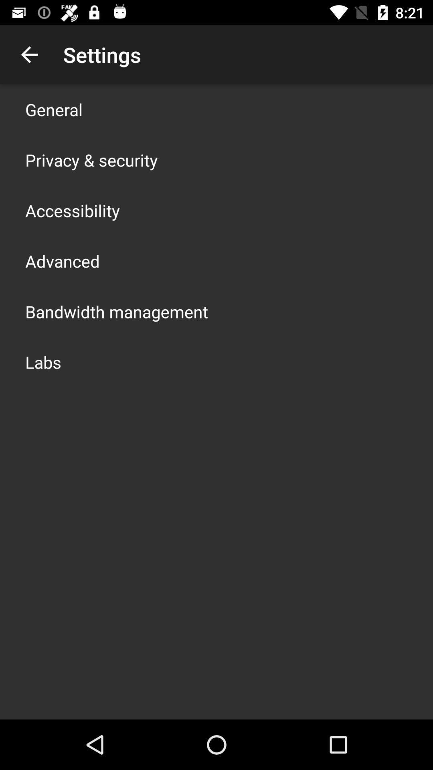  What do you see at coordinates (54, 109) in the screenshot?
I see `icon above privacy & security icon` at bounding box center [54, 109].